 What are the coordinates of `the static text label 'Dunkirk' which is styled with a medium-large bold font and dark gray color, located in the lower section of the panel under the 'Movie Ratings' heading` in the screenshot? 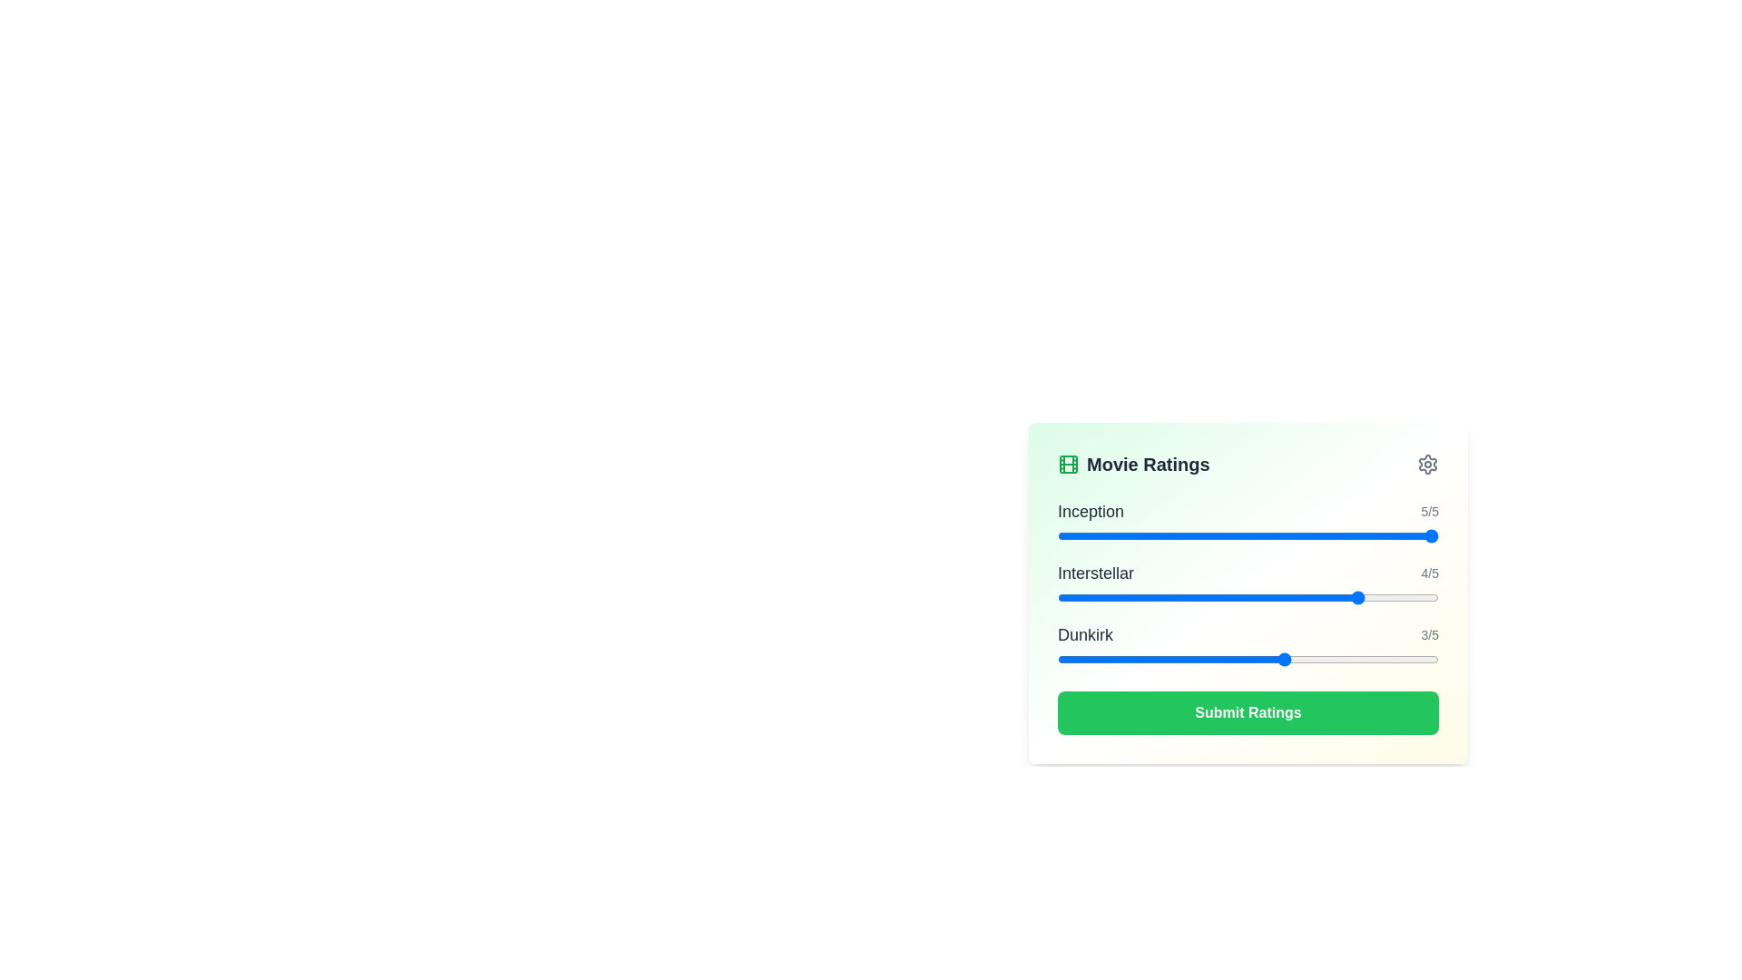 It's located at (1085, 633).